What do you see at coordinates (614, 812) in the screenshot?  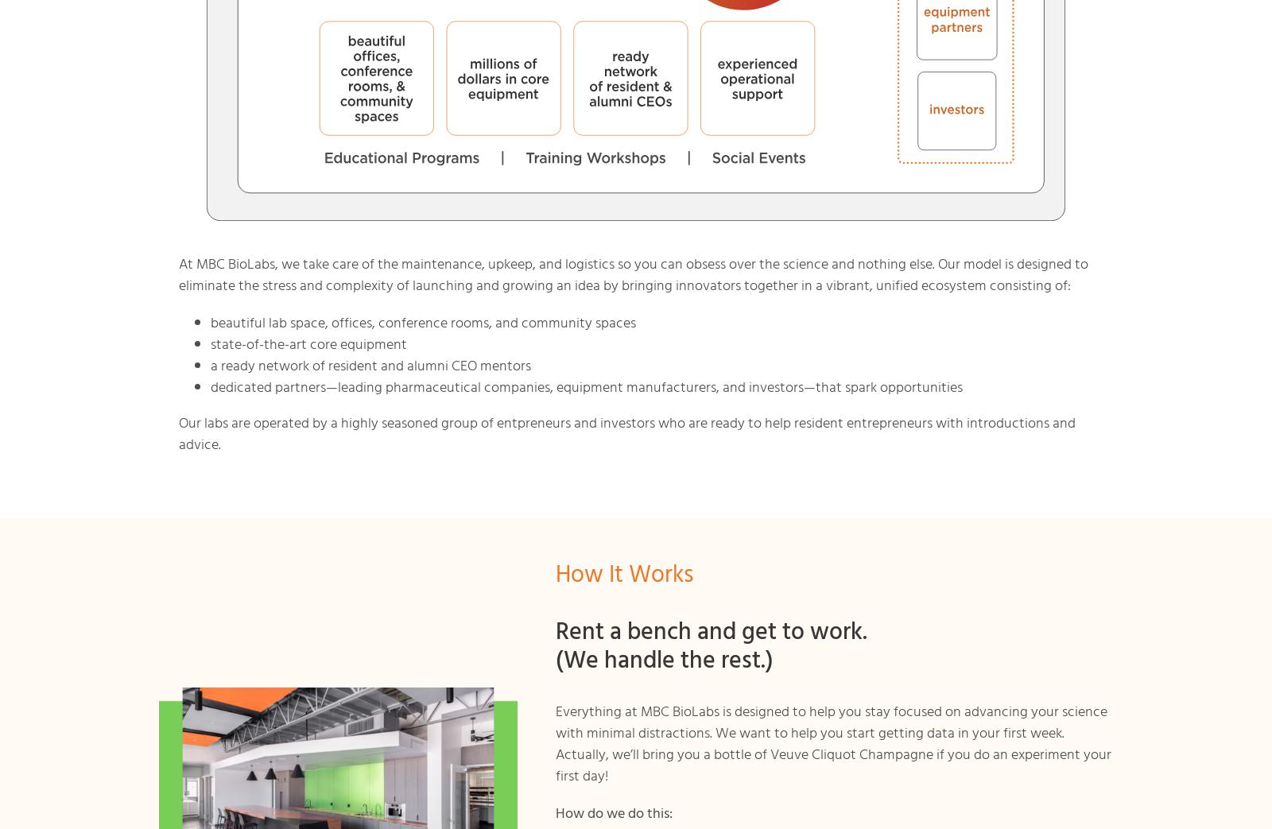 I see `'How do we do this:'` at bounding box center [614, 812].